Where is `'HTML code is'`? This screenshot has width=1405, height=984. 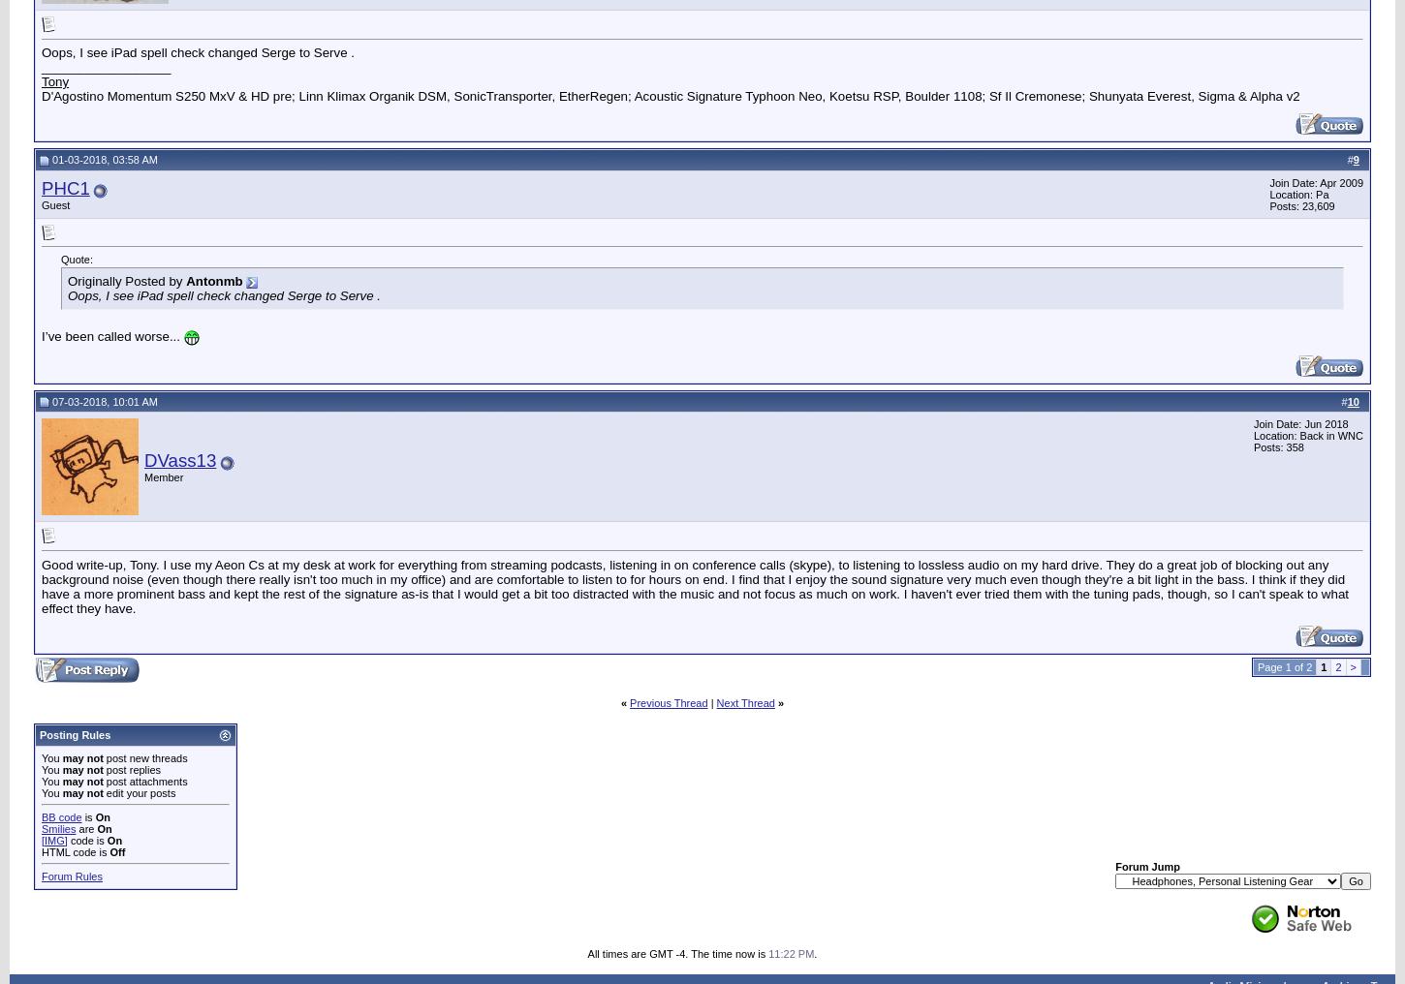 'HTML code is' is located at coordinates (76, 851).